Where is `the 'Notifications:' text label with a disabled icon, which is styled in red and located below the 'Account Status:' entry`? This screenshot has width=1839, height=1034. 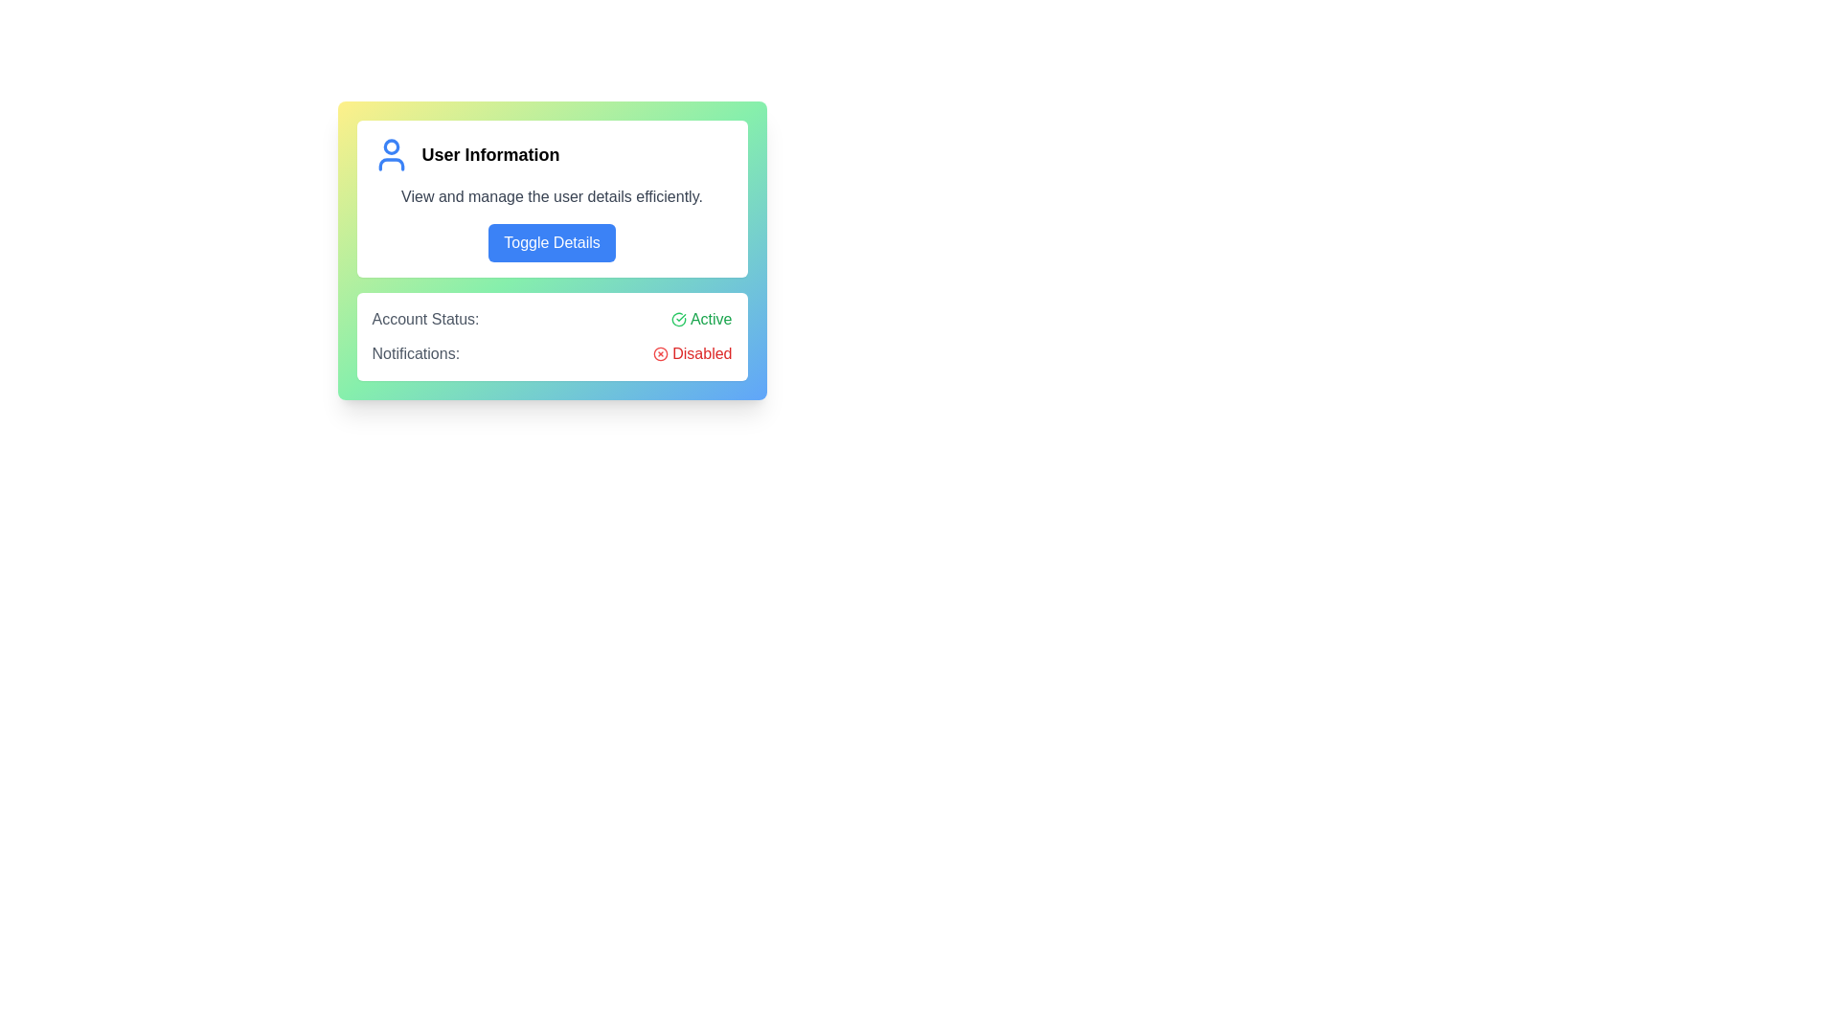 the 'Notifications:' text label with a disabled icon, which is styled in red and located below the 'Account Status:' entry is located at coordinates (551, 354).